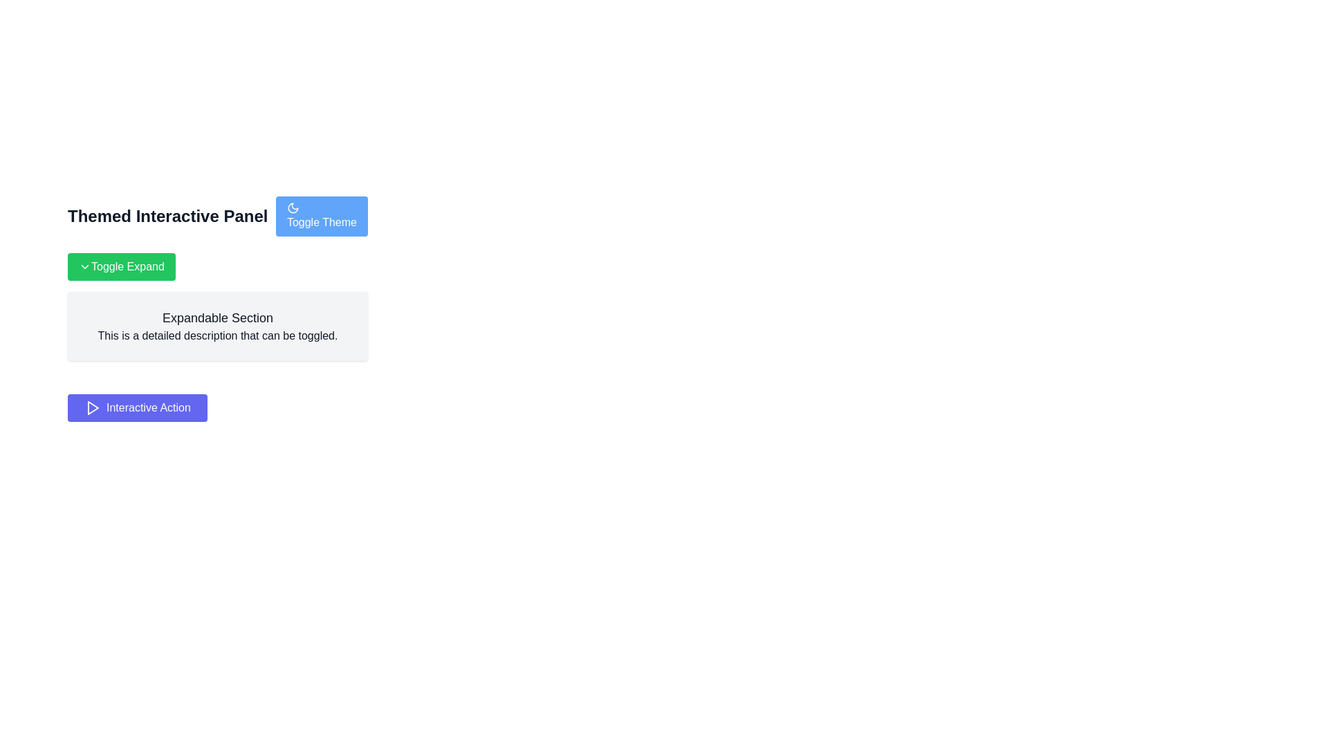 The height and width of the screenshot is (747, 1328). I want to click on the chevron icon inside the 'Toggle Expand' button, so click(84, 266).